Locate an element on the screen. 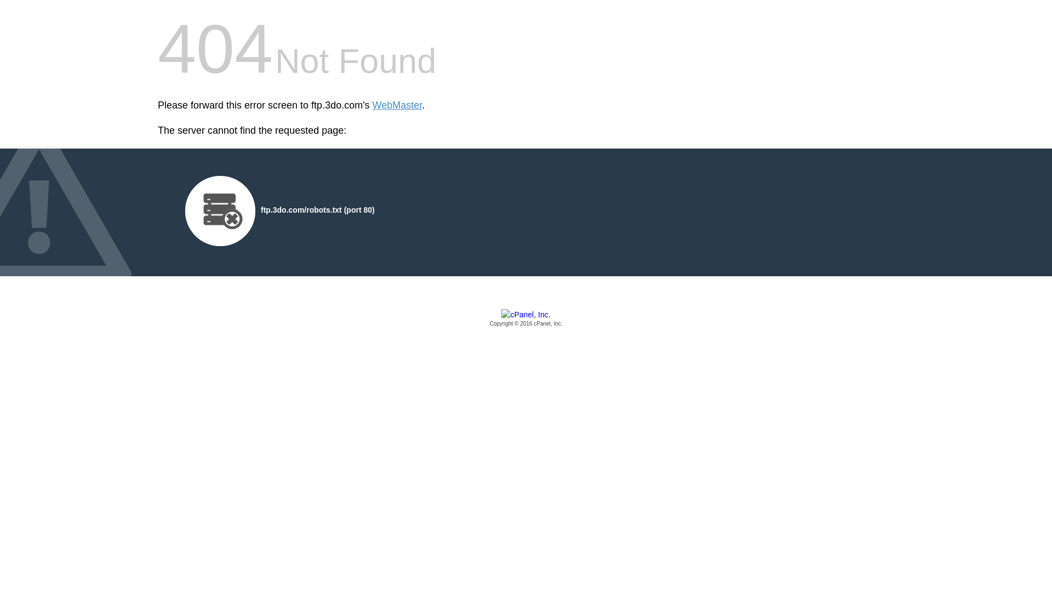 This screenshot has height=592, width=1052. 'WebMaster' is located at coordinates (397, 105).